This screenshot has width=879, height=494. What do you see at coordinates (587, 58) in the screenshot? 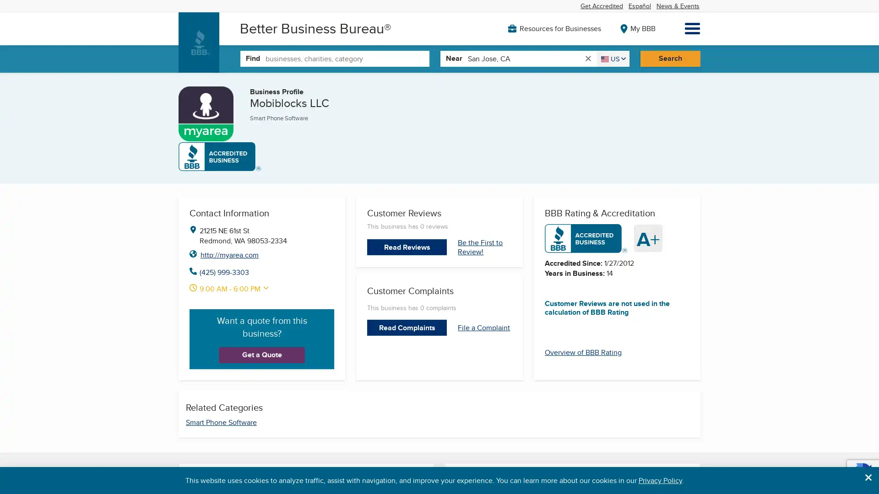
I see `clear search` at bounding box center [587, 58].